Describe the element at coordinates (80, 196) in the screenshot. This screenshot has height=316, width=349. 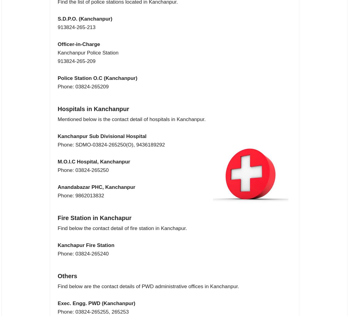
I see `'Phone: 9862013832'` at that location.